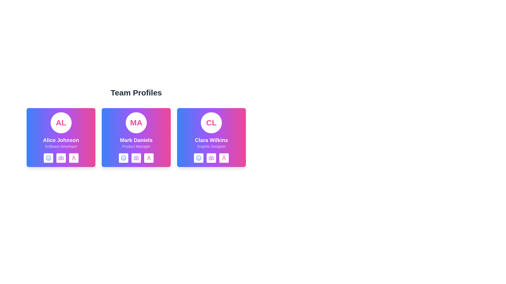 The width and height of the screenshot is (506, 284). What do you see at coordinates (123, 158) in the screenshot?
I see `the circular icon button with a smiling face, which is the first icon from the left in a row of three icons located under the 'Mark Daniels' card` at bounding box center [123, 158].